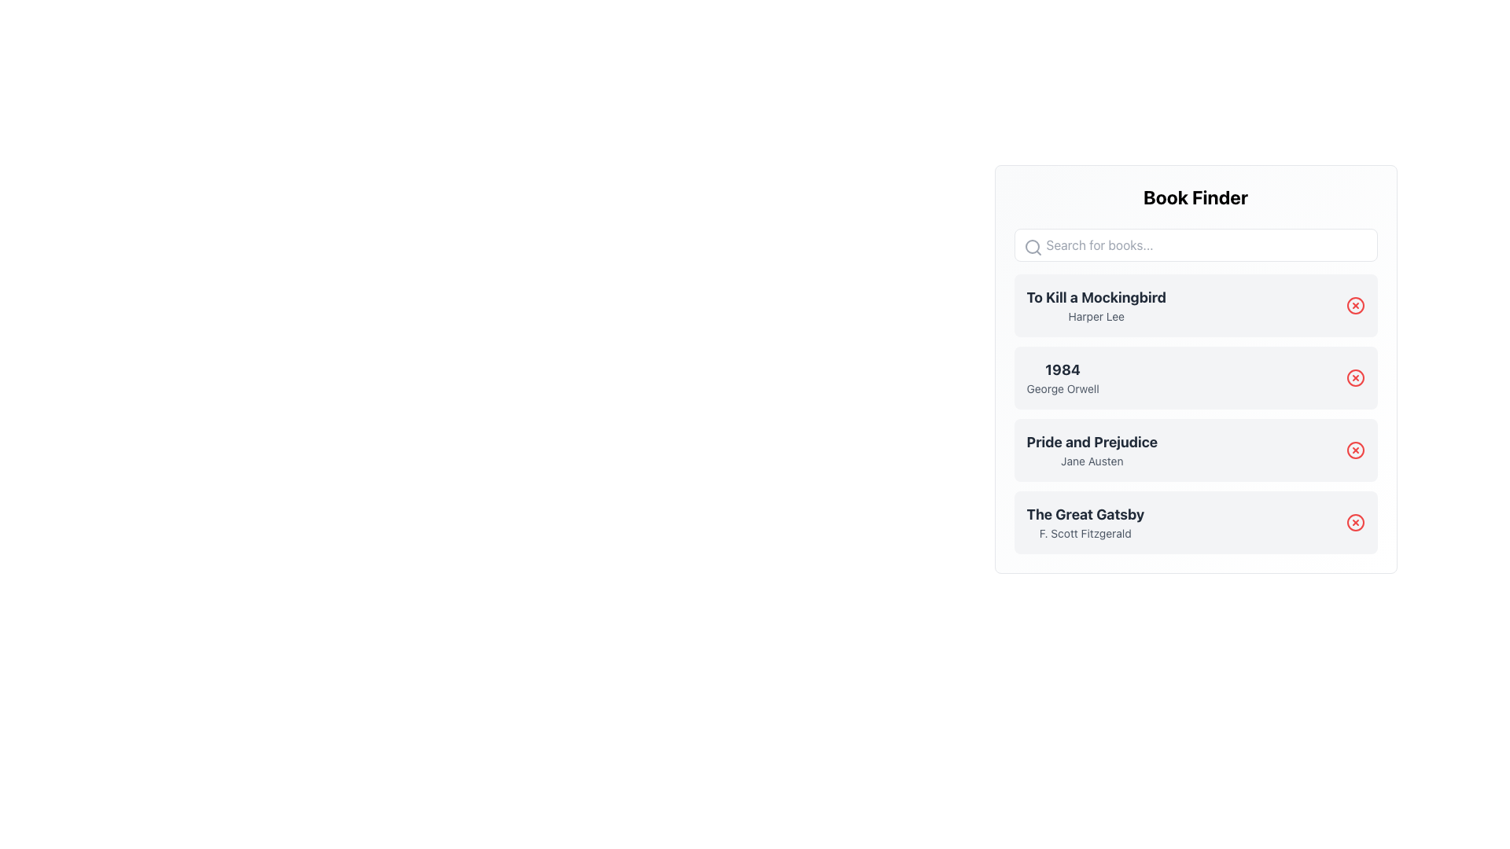 This screenshot has width=1510, height=849. Describe the element at coordinates (1195, 450) in the screenshot. I see `the third book entry in the 'Book Finder' section, which displays information about a book and is located between '1984 by George Orwell' and 'The Great Gatsby by F. Scott Fitzgerald'` at that location.